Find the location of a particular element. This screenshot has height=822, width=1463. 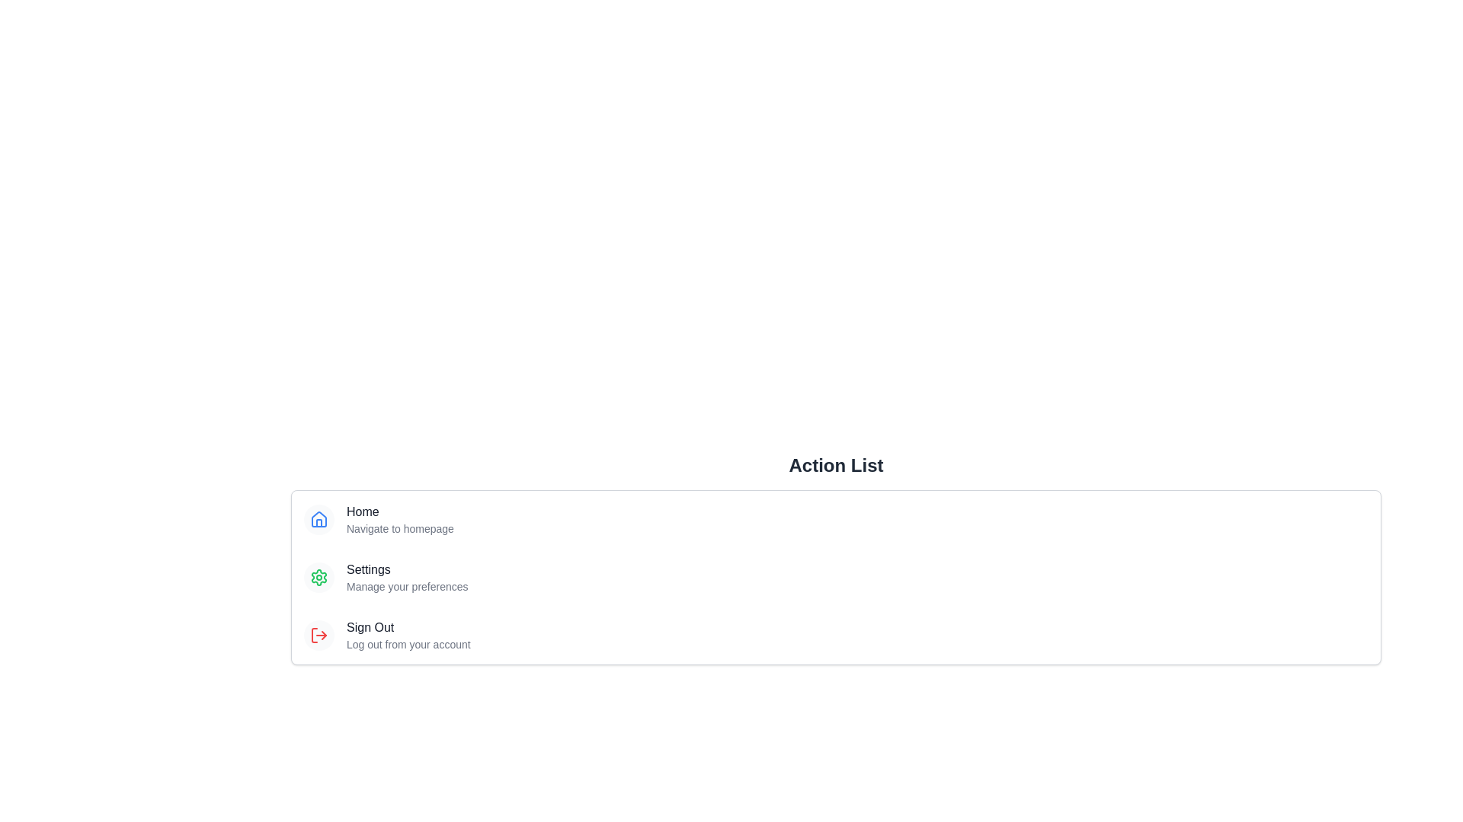

the explanatory text located directly below the 'Sign Out' title in the 'Sign Out' section of the action list is located at coordinates (408, 645).